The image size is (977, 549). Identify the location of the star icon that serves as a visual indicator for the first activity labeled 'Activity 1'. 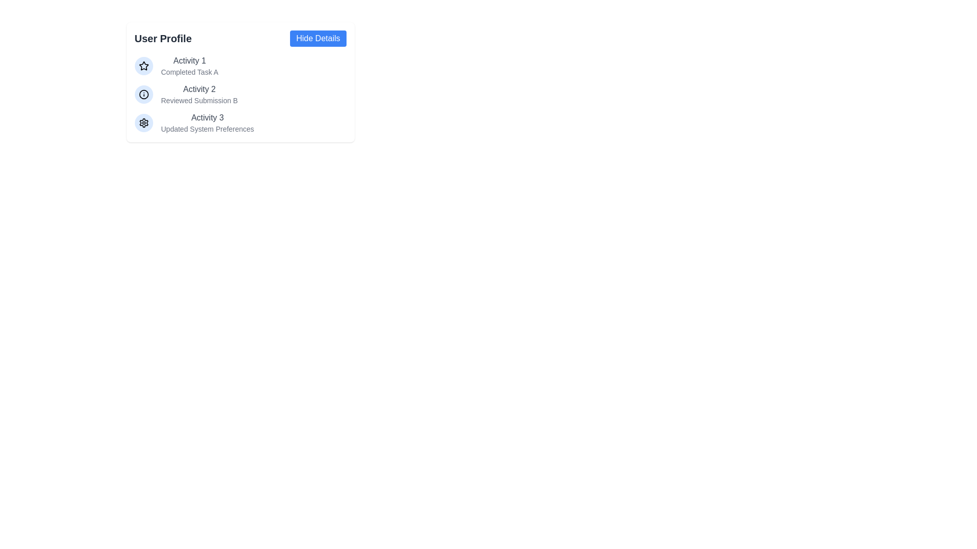
(143, 66).